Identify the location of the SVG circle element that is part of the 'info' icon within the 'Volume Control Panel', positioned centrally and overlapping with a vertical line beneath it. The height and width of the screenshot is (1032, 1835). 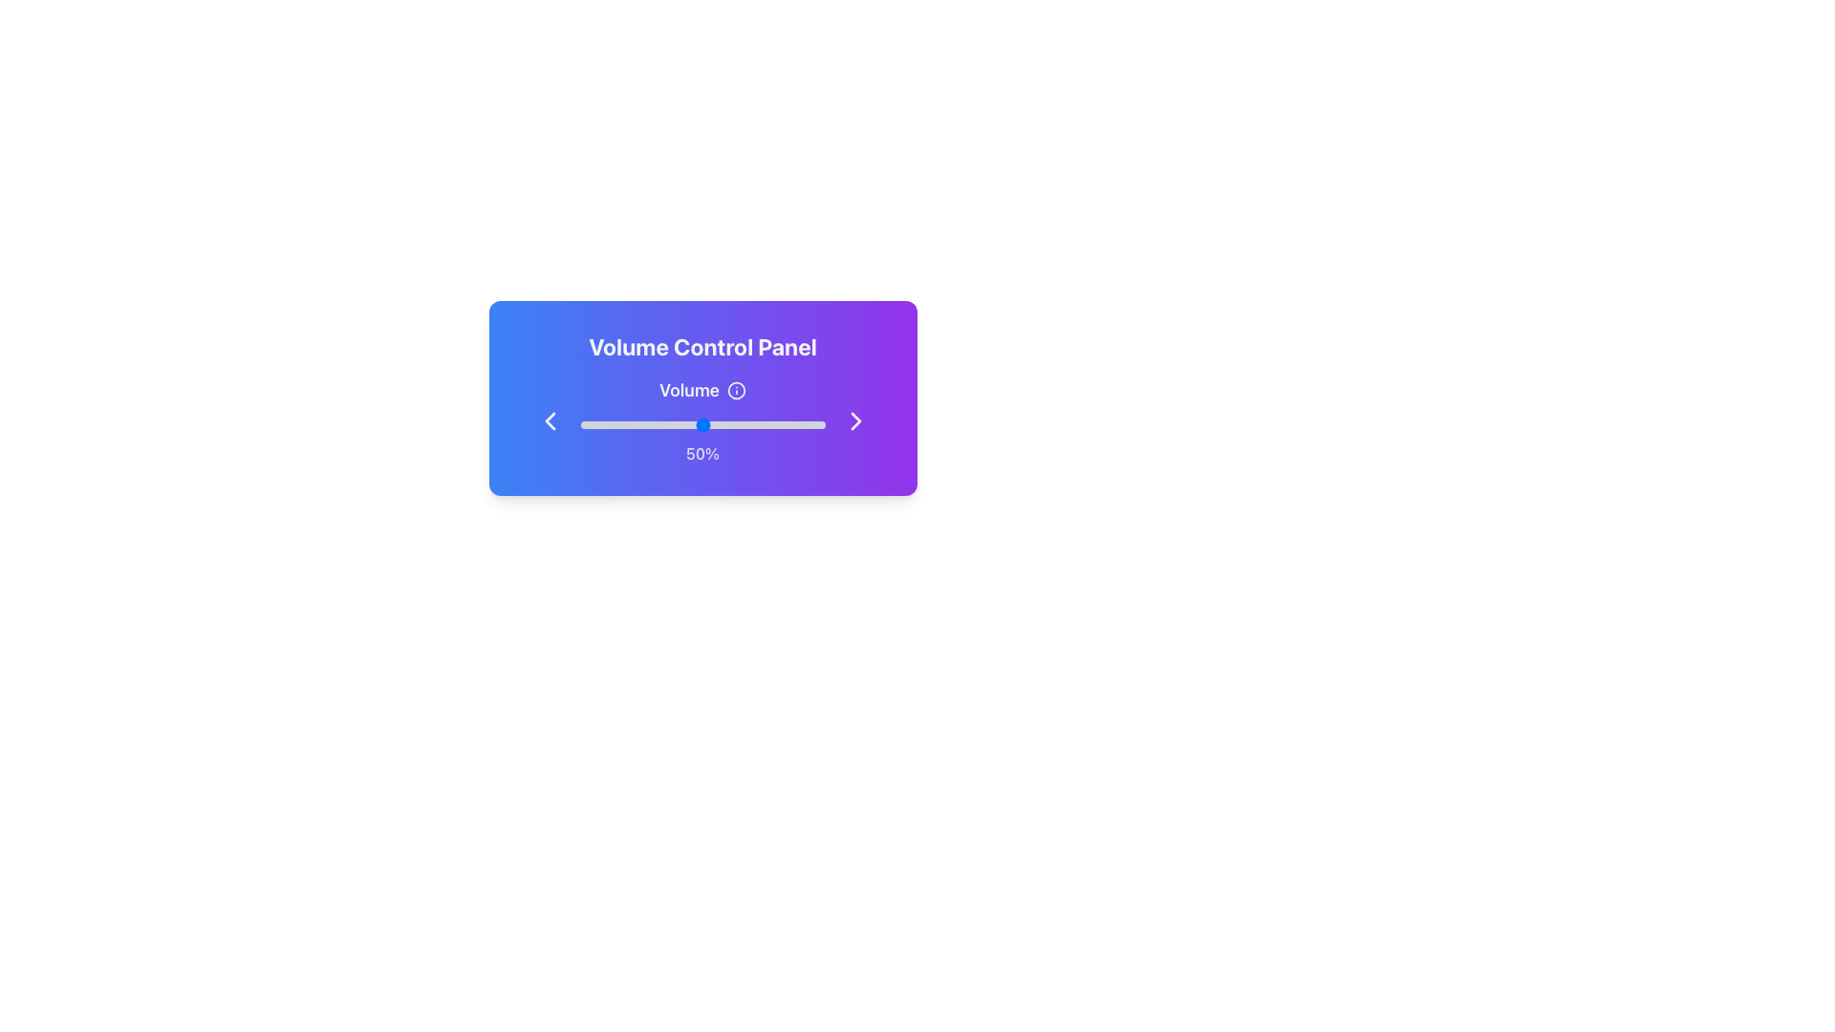
(735, 389).